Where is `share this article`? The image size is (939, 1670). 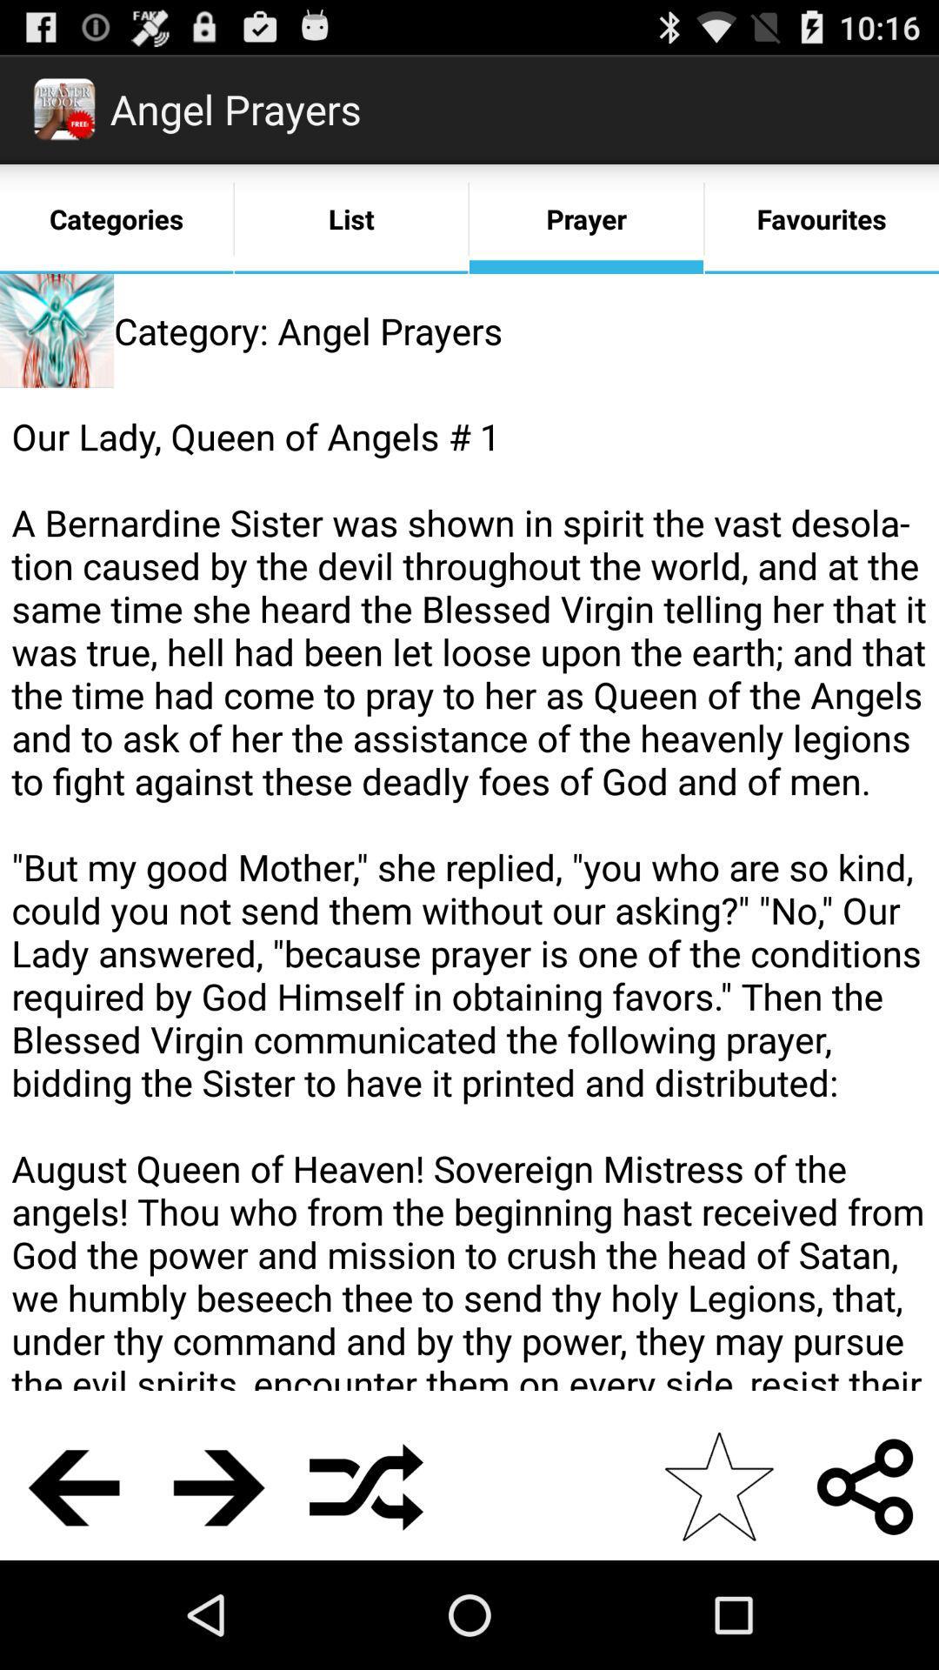 share this article is located at coordinates (865, 1486).